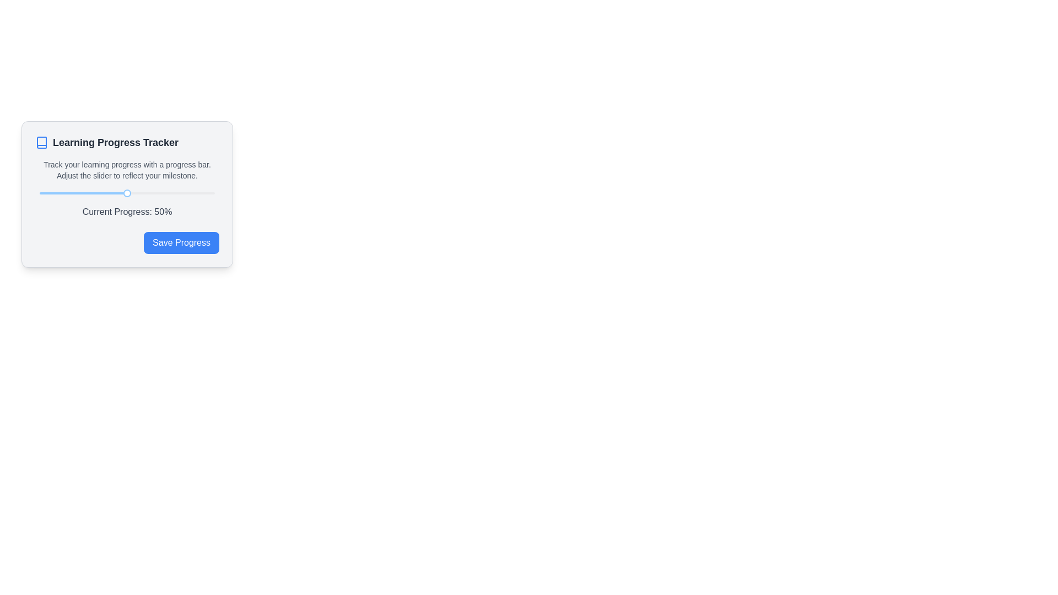 The width and height of the screenshot is (1058, 595). What do you see at coordinates (135, 193) in the screenshot?
I see `the current progress` at bounding box center [135, 193].